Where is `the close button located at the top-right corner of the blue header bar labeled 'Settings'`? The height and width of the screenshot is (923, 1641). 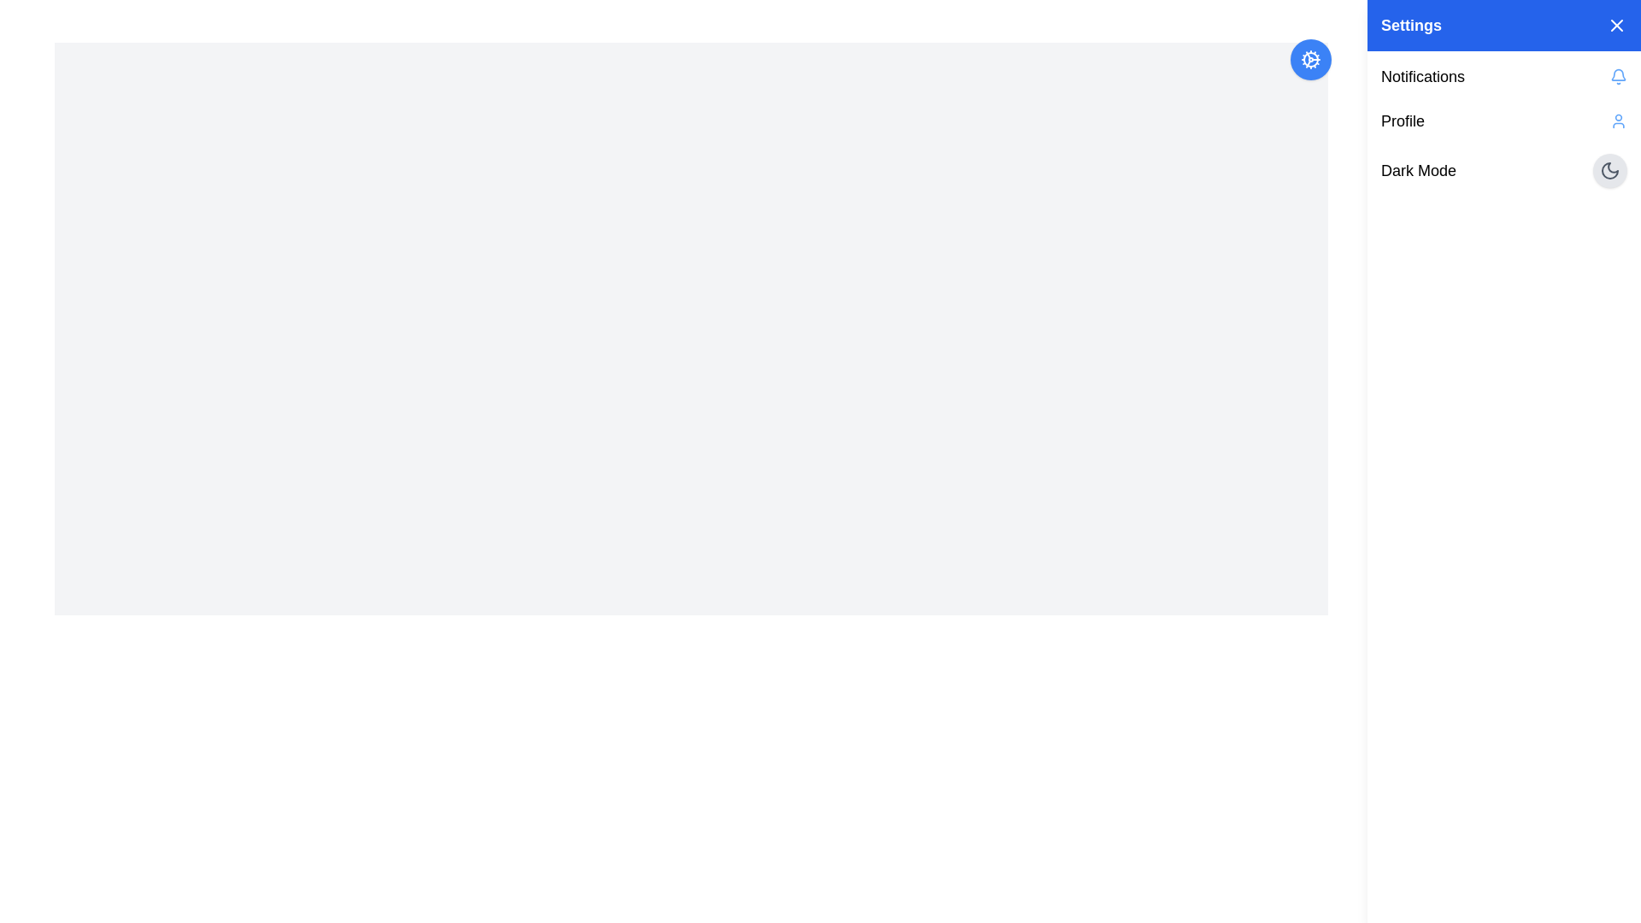
the close button located at the top-right corner of the blue header bar labeled 'Settings' is located at coordinates (1615, 26).